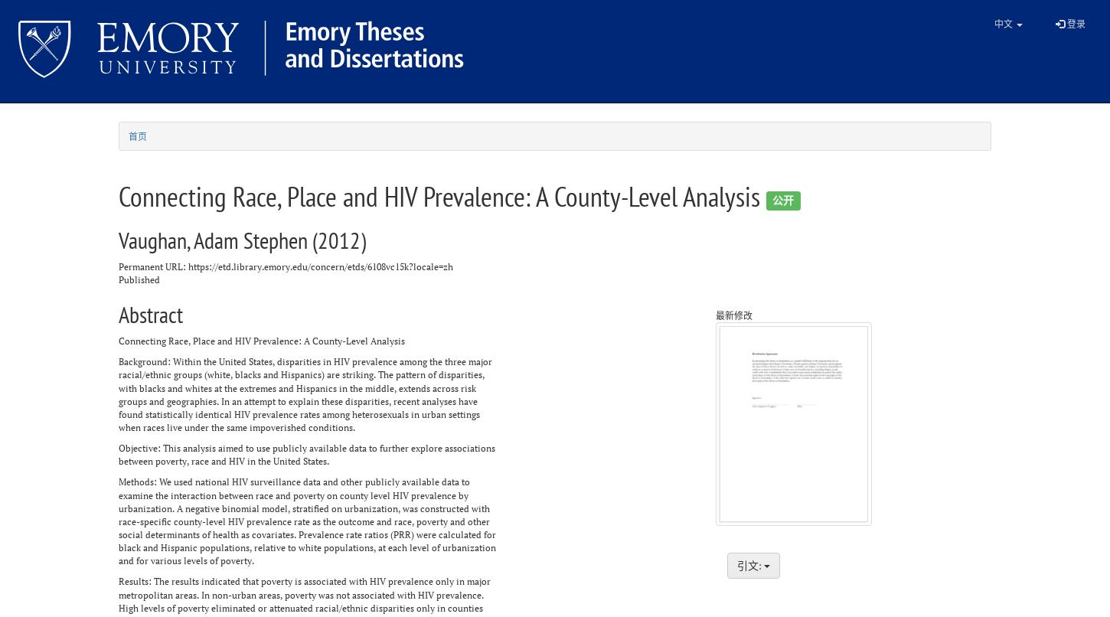  What do you see at coordinates (306, 534) in the screenshot?
I see `'social determinants of health as covariates. Prevalence rate ratios
(PRR) were calculated for'` at bounding box center [306, 534].